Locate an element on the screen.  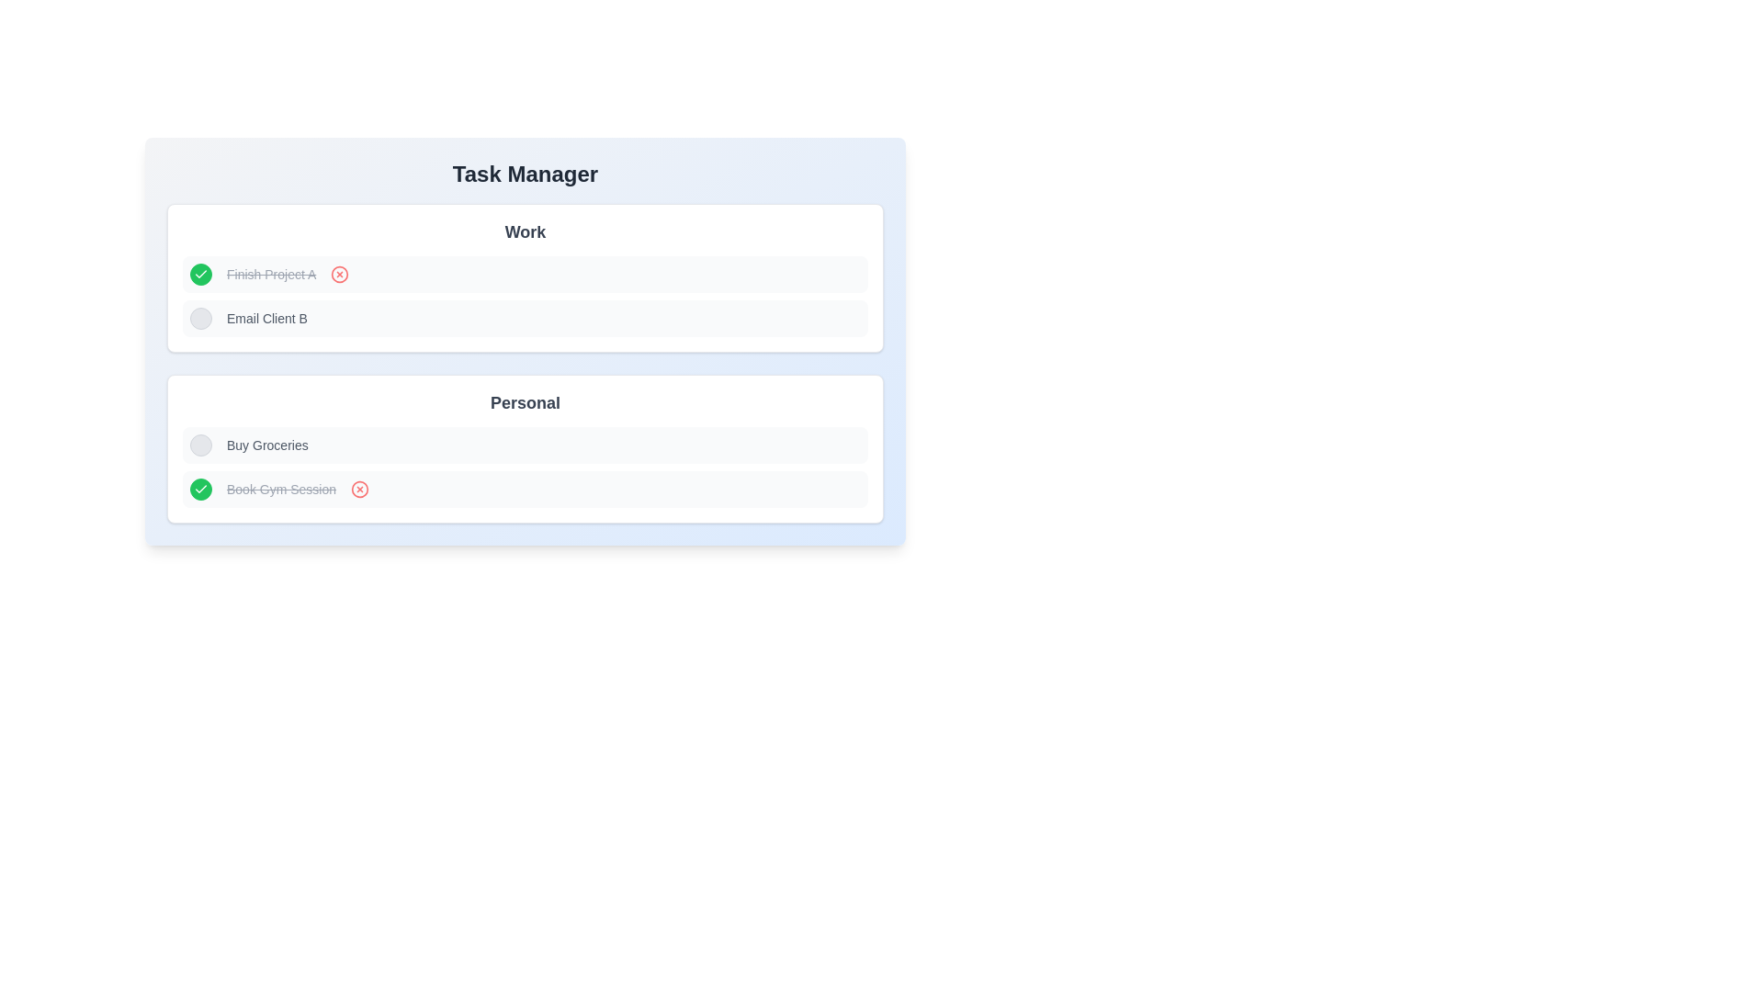
the static text label displaying the completed task name, which is located in the first row under the 'Work' section, between a green circular checkmark icon and a red circular icon is located at coordinates (270, 275).